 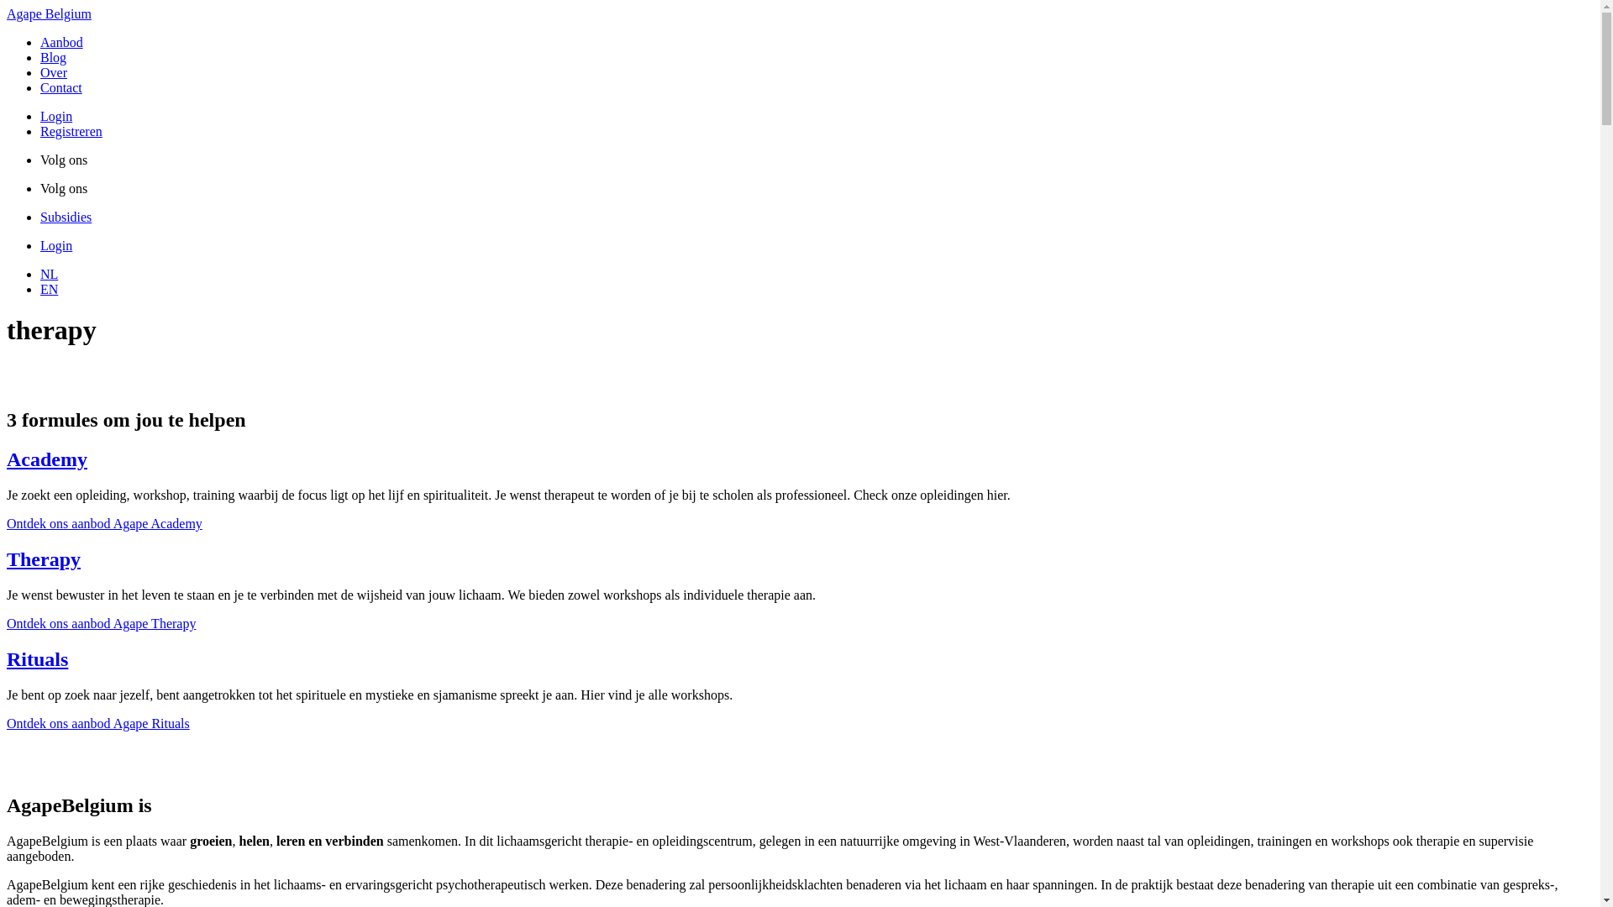 What do you see at coordinates (66, 216) in the screenshot?
I see `'Subsidies'` at bounding box center [66, 216].